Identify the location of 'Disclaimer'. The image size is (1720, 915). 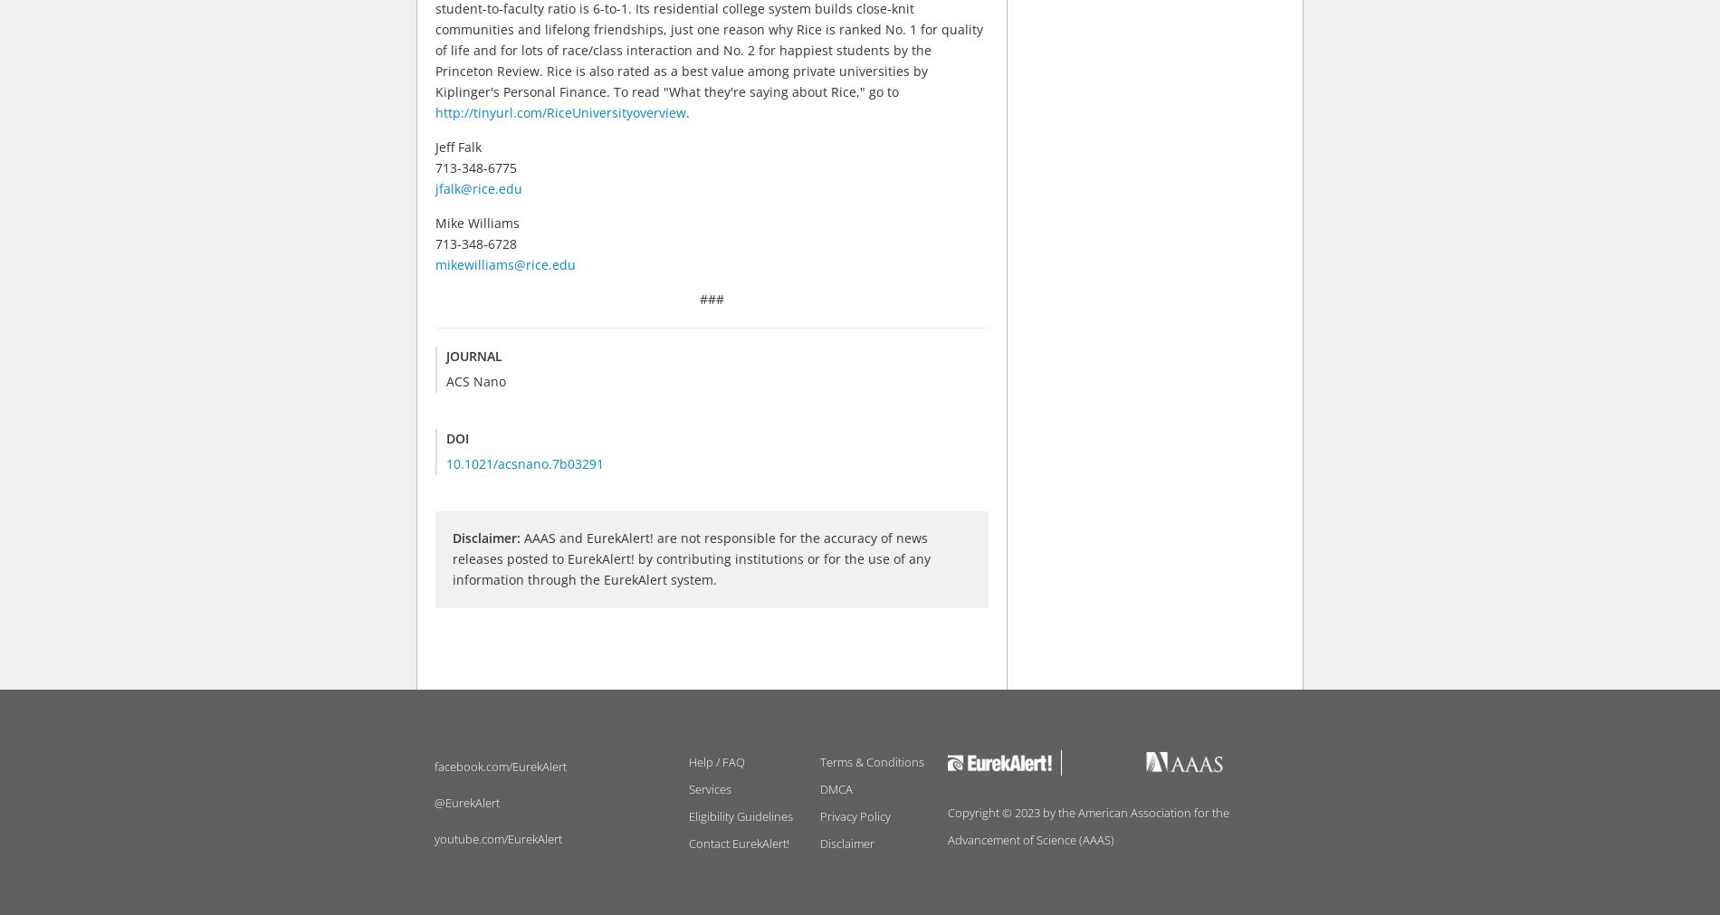
(846, 843).